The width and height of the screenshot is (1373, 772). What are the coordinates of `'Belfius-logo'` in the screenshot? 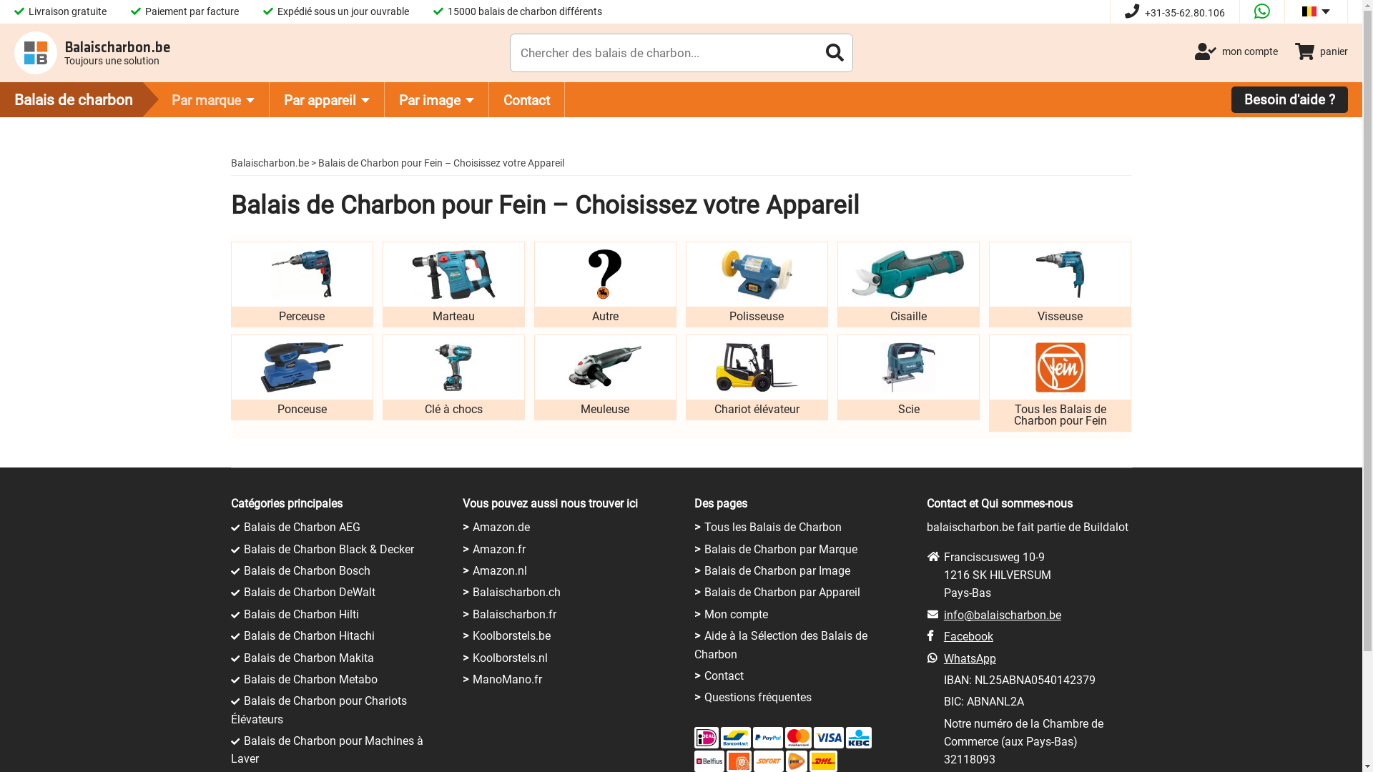 It's located at (709, 760).